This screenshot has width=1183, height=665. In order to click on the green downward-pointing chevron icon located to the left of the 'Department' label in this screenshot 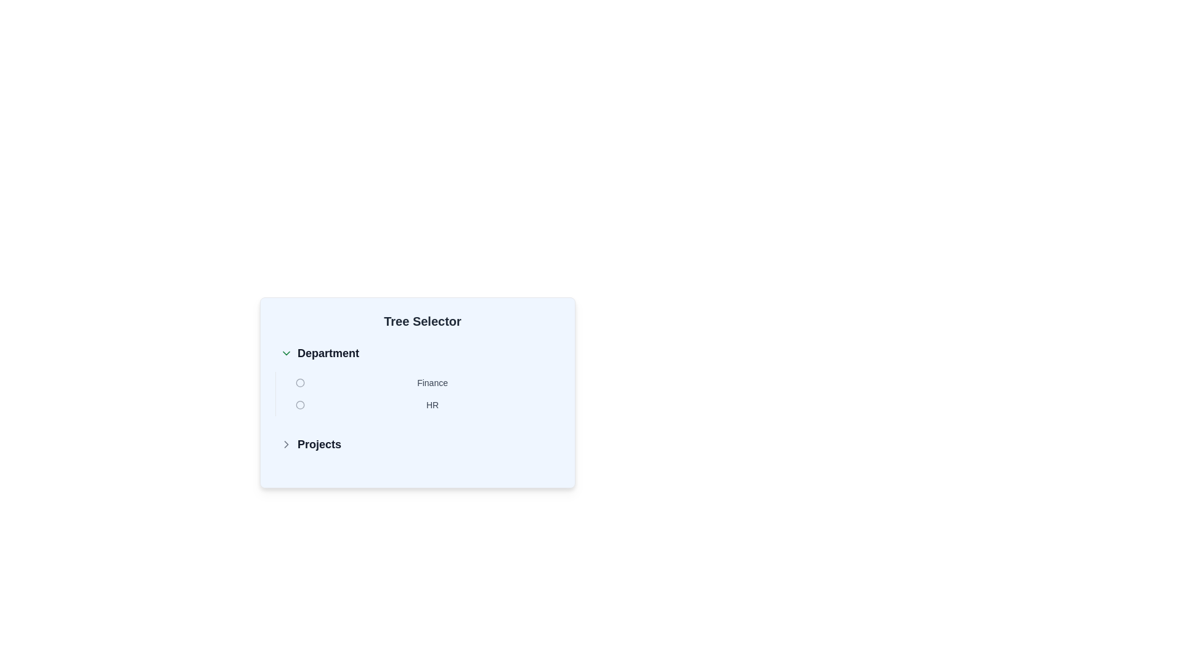, I will do `click(286, 353)`.